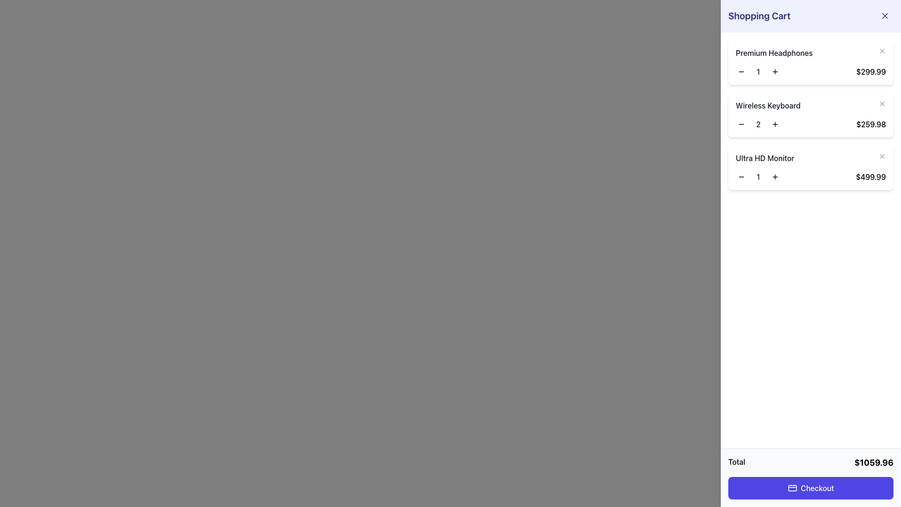 Image resolution: width=901 pixels, height=507 pixels. What do you see at coordinates (775, 124) in the screenshot?
I see `the small circular button with a plus symbol ('+') located inside the shopping cart interface near the 'Wireless Keyboard' item to increment the item quantity` at bounding box center [775, 124].